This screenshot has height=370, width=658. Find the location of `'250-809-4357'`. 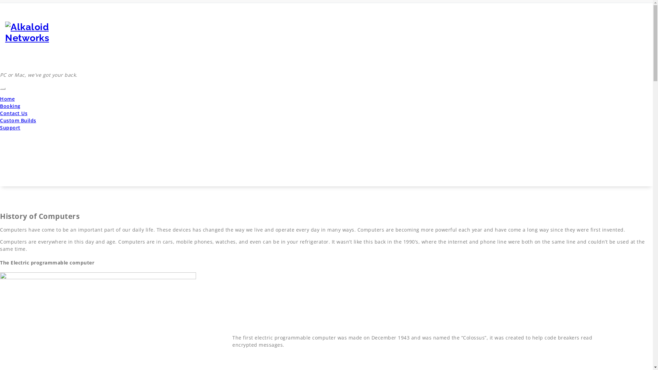

'250-809-4357' is located at coordinates (631, 7).